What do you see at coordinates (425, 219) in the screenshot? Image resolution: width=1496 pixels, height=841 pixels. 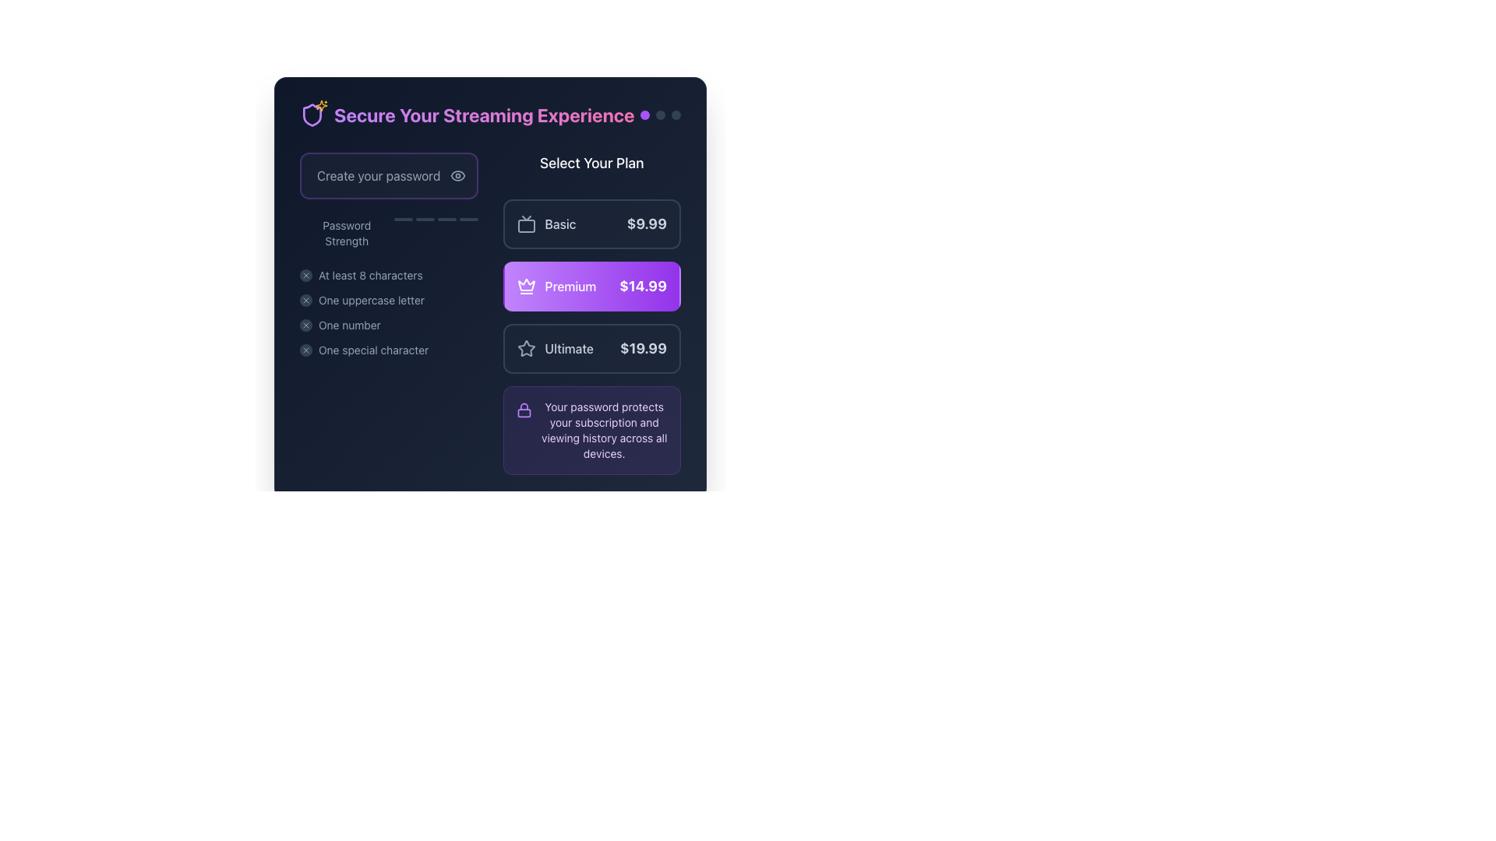 I see `the visual change in the second progress indicator bar located beneath the 'Password Strength' label, which represents the strength of the password being created` at bounding box center [425, 219].